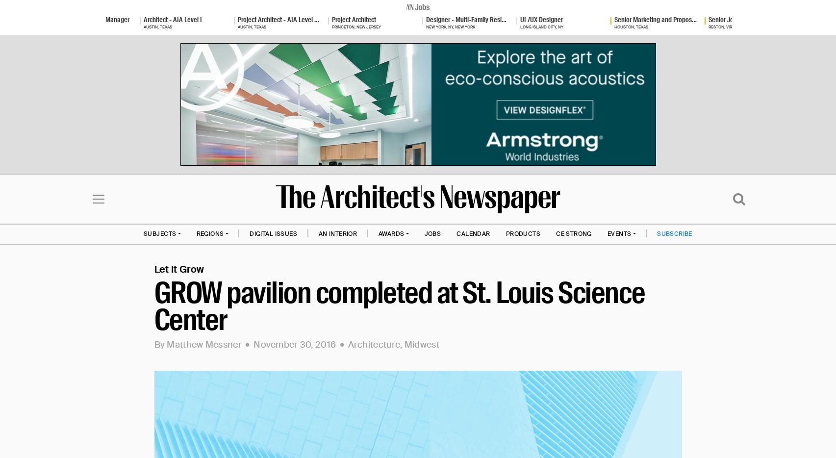  Describe the element at coordinates (89, 19) in the screenshot. I see `'Architectural Project Manager'` at that location.